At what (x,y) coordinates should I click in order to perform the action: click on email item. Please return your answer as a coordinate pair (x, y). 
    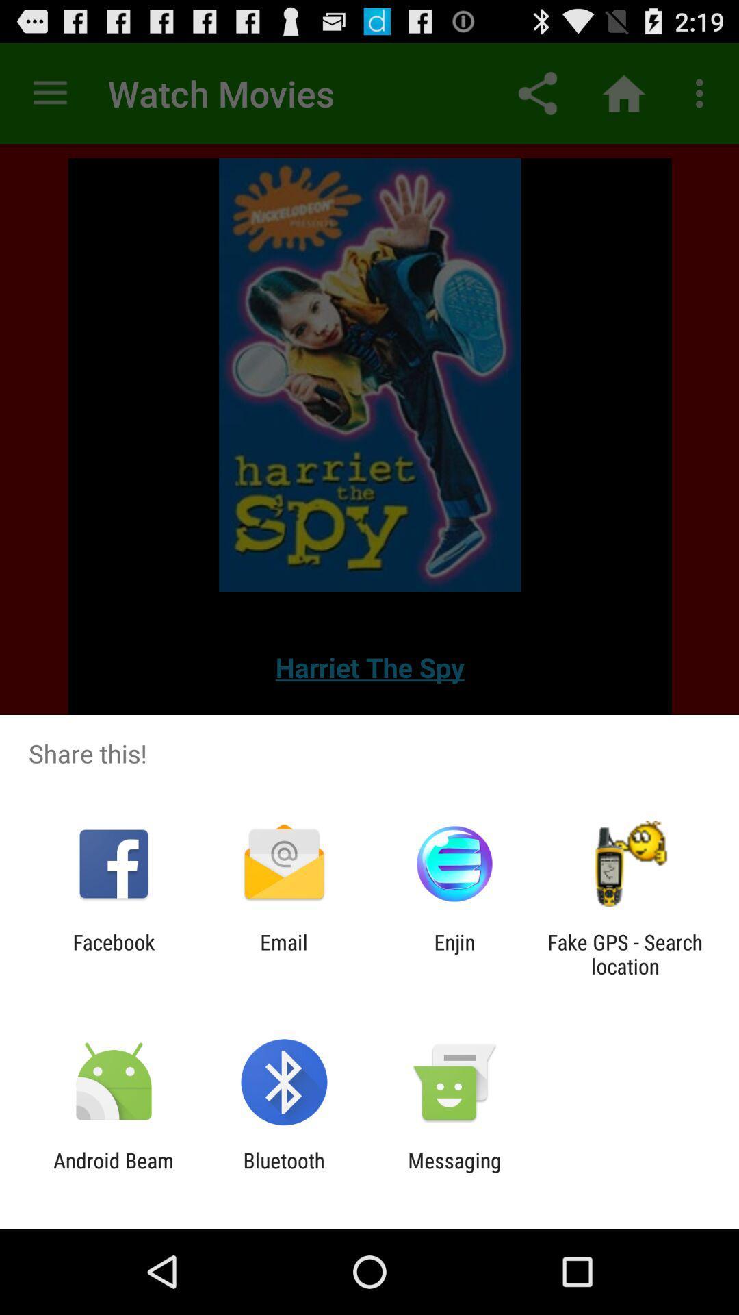
    Looking at the image, I should click on (283, 953).